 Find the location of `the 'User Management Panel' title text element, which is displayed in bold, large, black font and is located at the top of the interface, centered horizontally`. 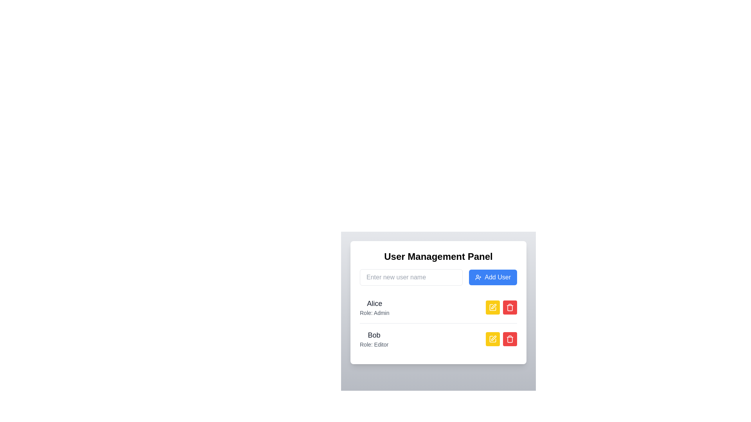

the 'User Management Panel' title text element, which is displayed in bold, large, black font and is located at the top of the interface, centered horizontally is located at coordinates (438, 256).